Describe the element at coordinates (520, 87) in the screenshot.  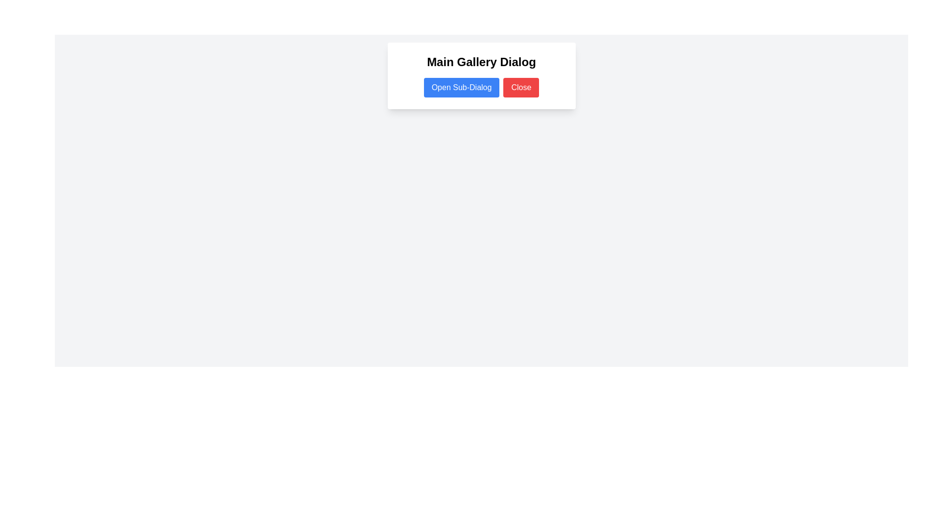
I see `the rectangular button with rounded corners, a red background, and white text displaying 'Close'` at that location.